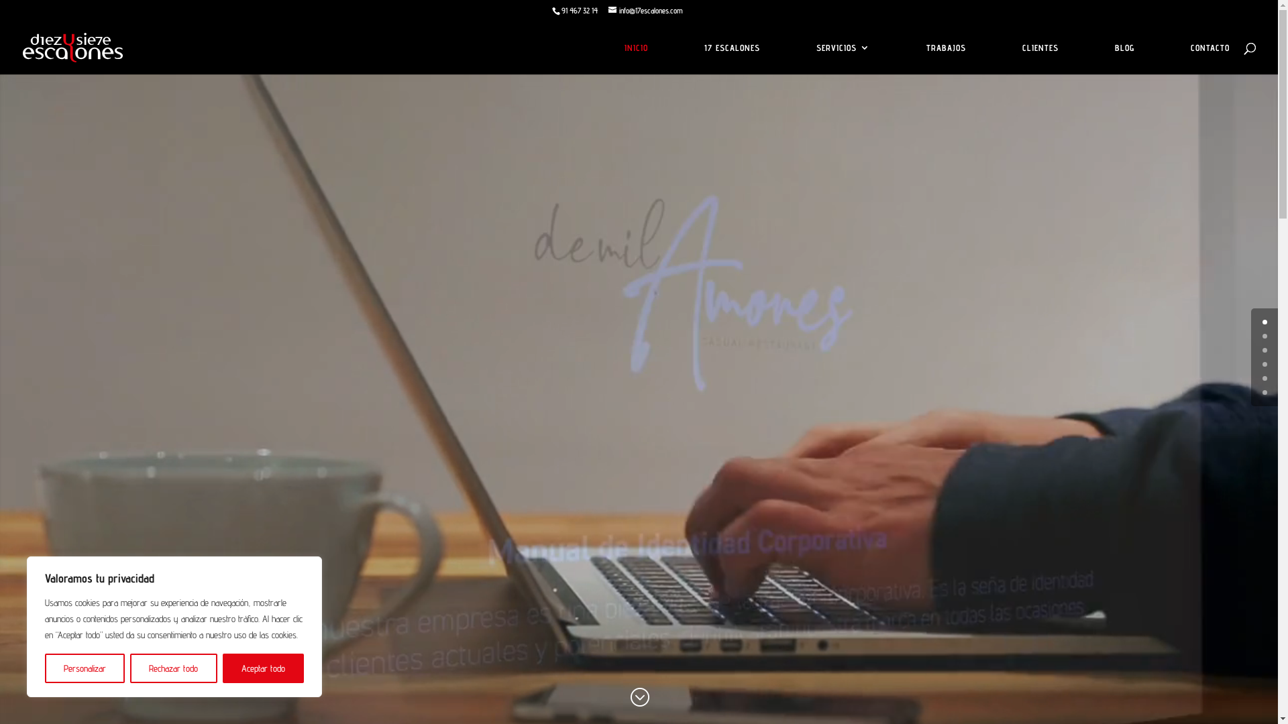  I want to click on '5', so click(1264, 392).